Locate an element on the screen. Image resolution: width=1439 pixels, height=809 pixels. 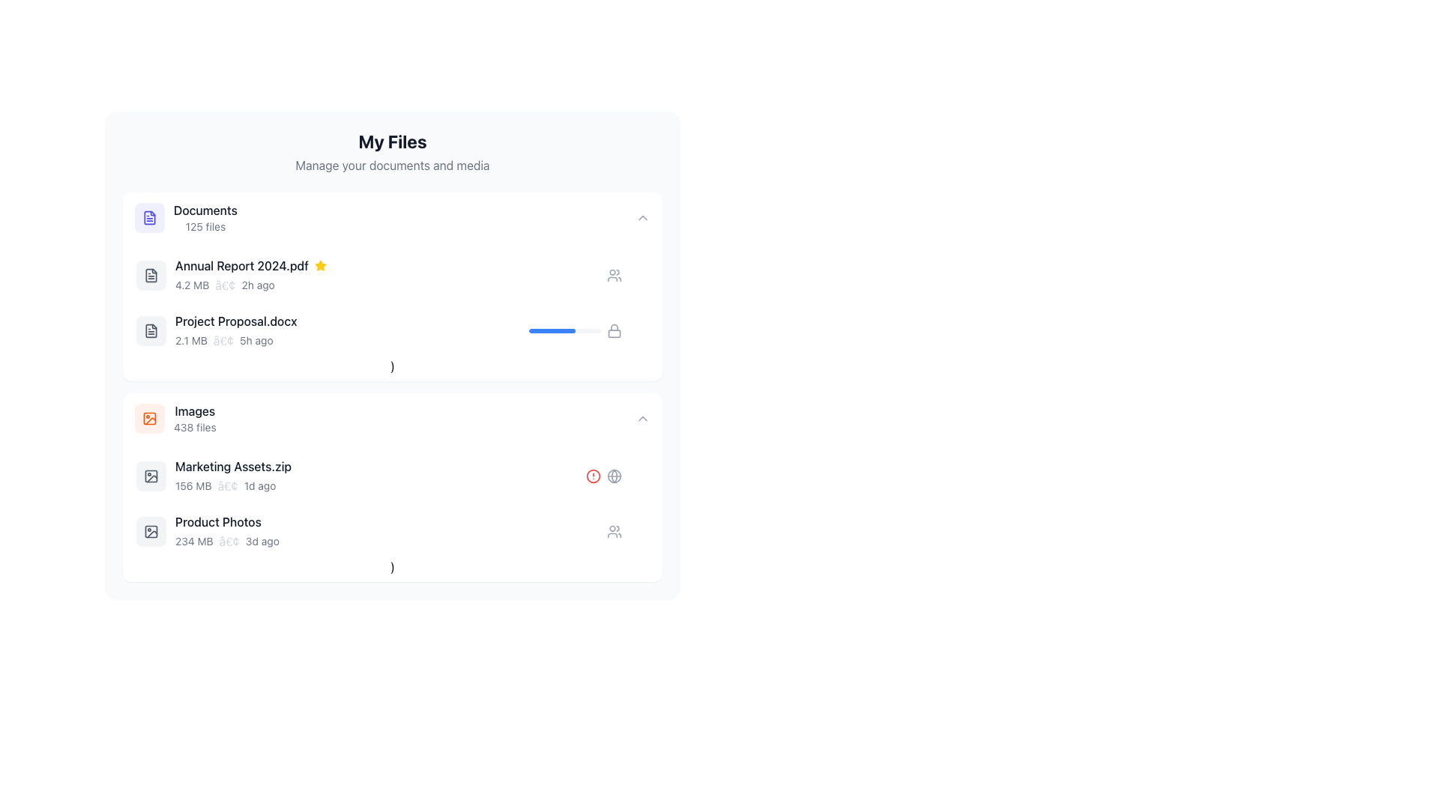
the appearance of the 'Product Photos' icon, which is visually represented as an image file and located within the third entry under the 'Images' section, surrounded by a rounded rectangle background is located at coordinates (151, 530).